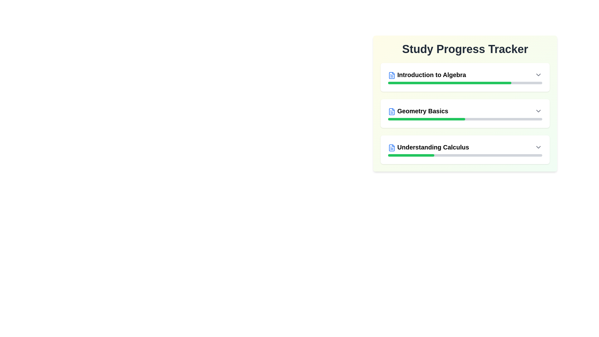  I want to click on the progress information represented by the slim horizontal progress bar located beneath the 'Geometry Basics' title in the 'Study Progress Tracker' interface, so click(465, 119).